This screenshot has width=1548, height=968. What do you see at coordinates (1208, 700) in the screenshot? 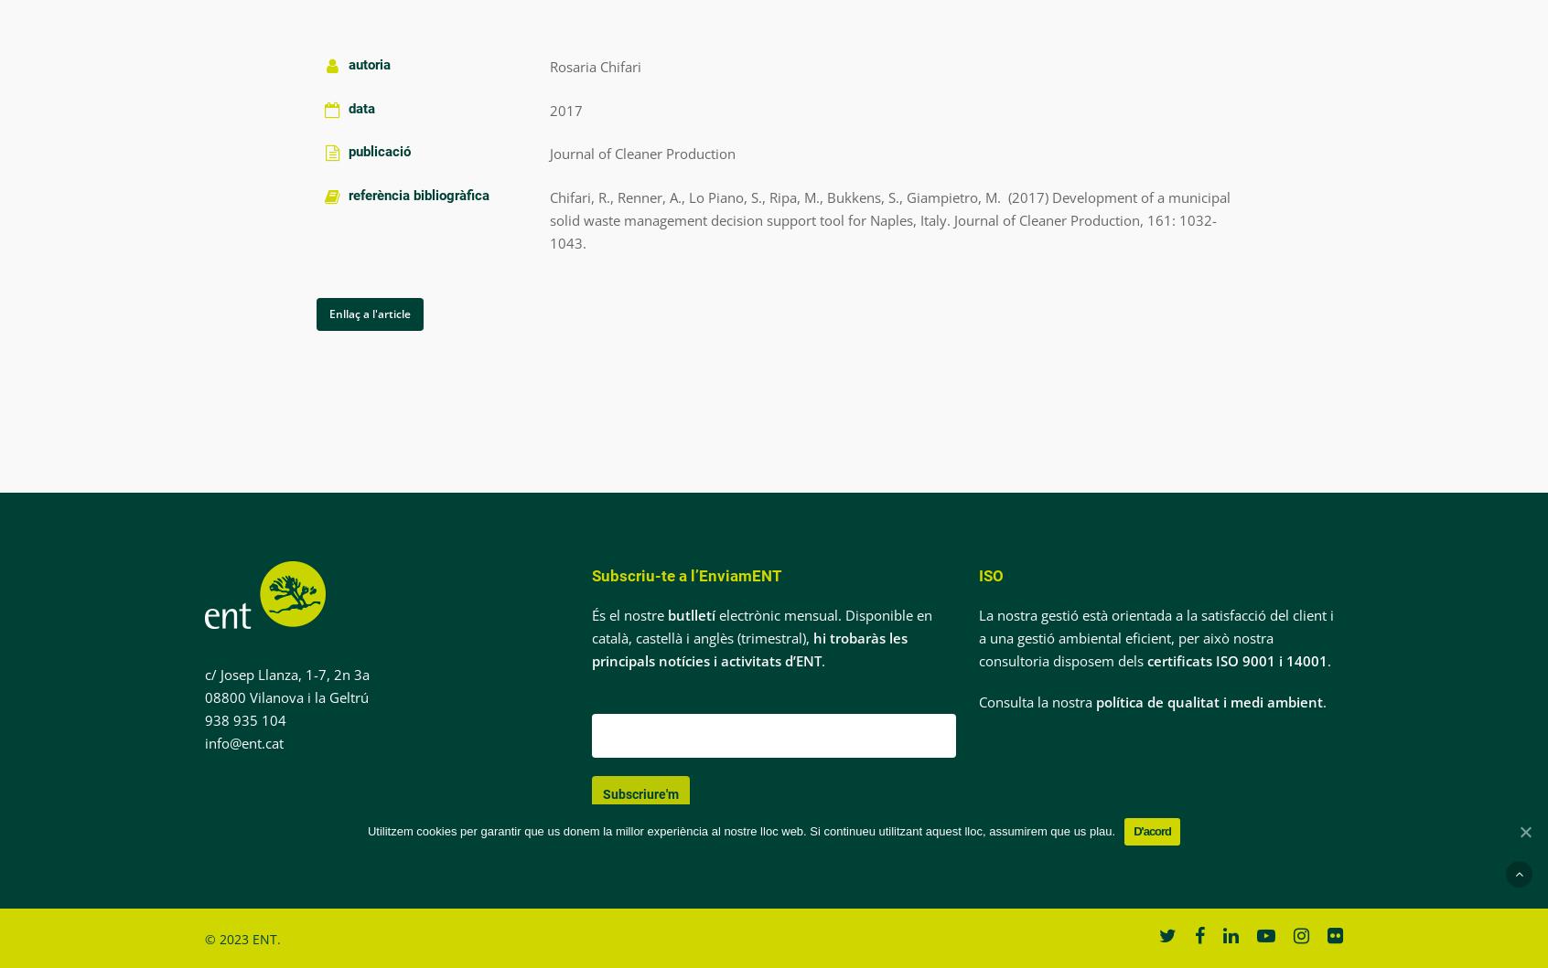
I see `'política de qualitat i medi ambient'` at bounding box center [1208, 700].